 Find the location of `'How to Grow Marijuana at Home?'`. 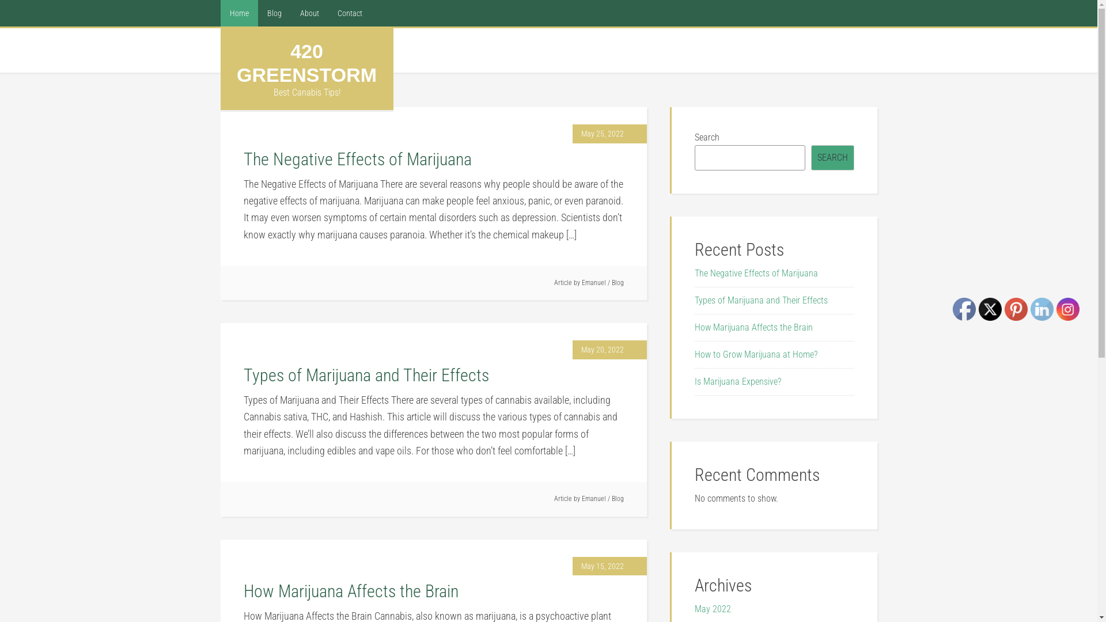

'How to Grow Marijuana at Home?' is located at coordinates (756, 354).